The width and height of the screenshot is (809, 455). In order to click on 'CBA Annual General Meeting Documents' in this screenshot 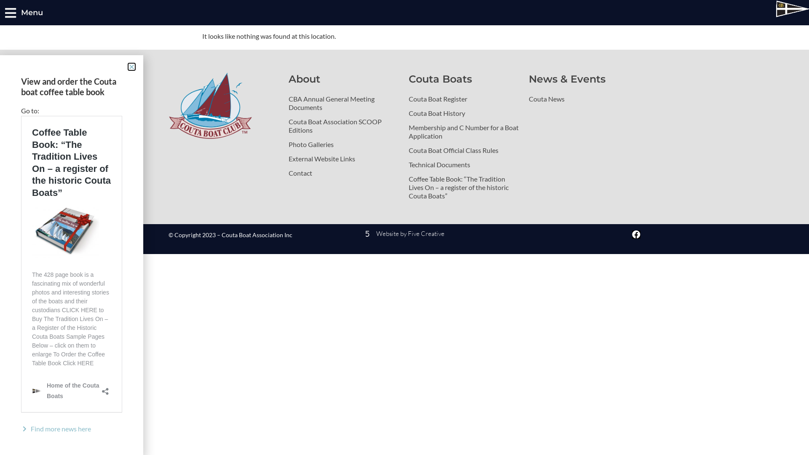, I will do `click(344, 103)`.